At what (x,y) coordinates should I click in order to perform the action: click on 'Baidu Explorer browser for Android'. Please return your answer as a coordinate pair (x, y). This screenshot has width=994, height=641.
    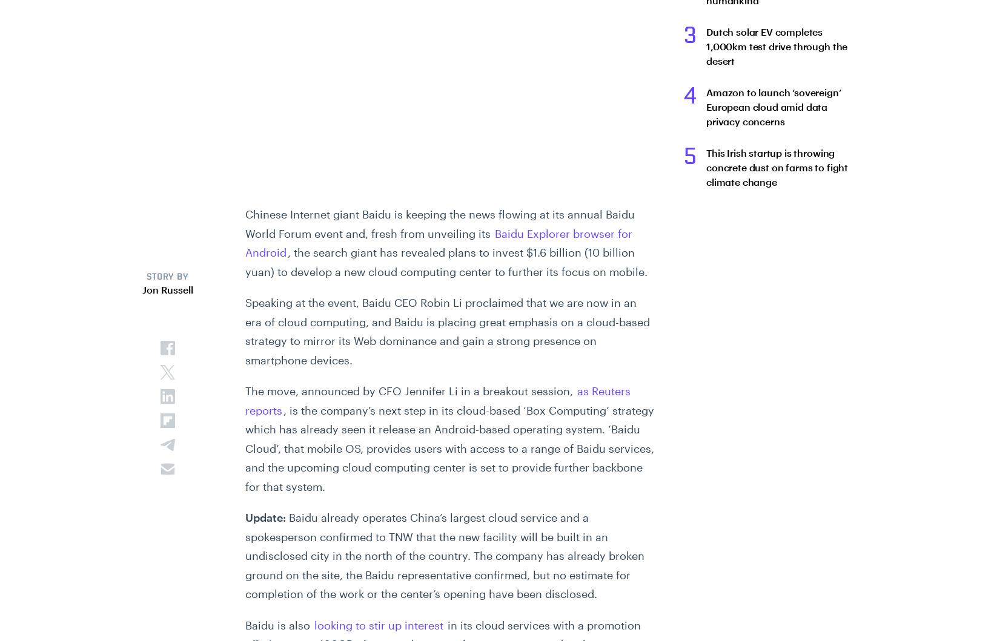
    Looking at the image, I should click on (437, 242).